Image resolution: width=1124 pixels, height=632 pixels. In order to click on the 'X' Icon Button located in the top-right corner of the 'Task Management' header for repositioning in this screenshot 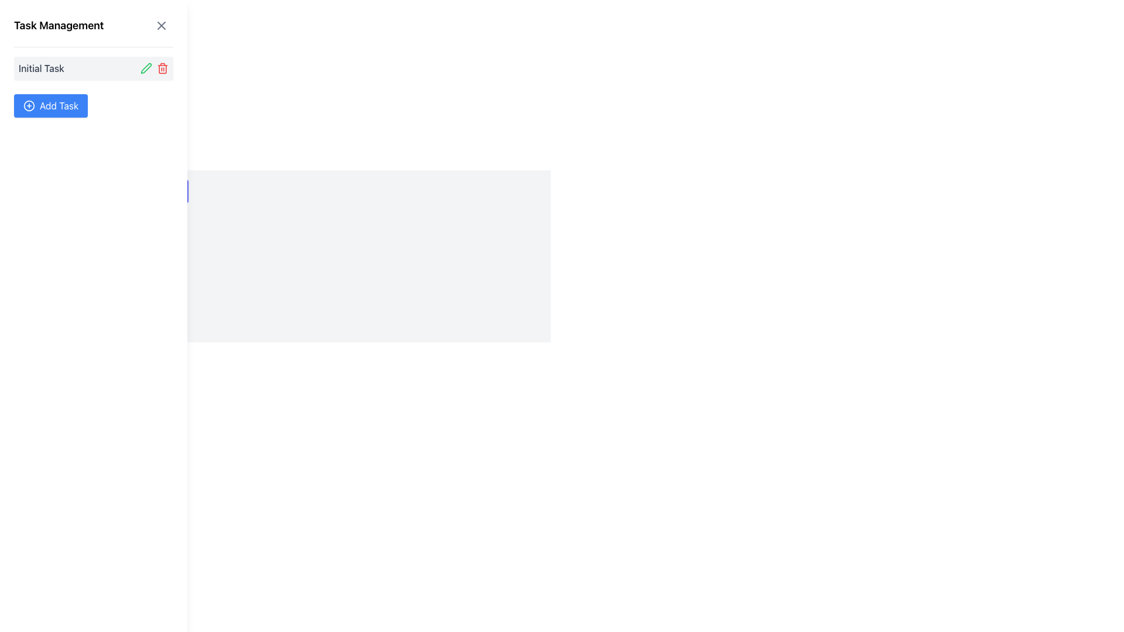, I will do `click(160, 25)`.